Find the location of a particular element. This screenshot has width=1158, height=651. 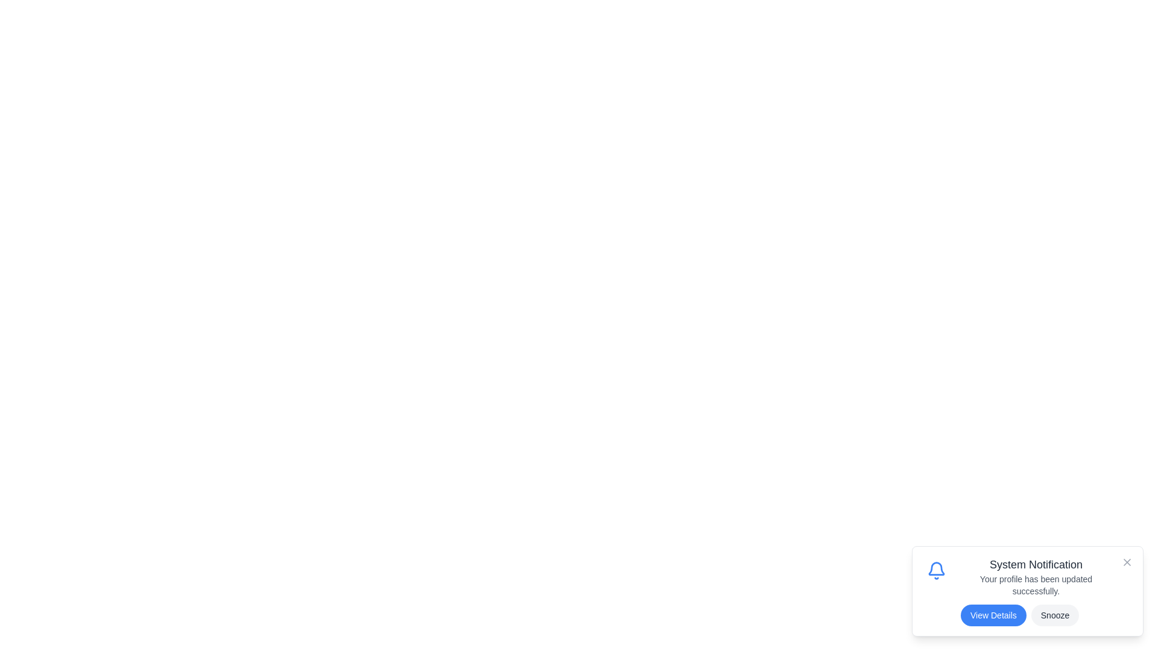

the blue bell-shaped icon located at the top left corner of the 'System Notification' message box indicating that 'Your profile has been updated successfully' is located at coordinates (936, 570).